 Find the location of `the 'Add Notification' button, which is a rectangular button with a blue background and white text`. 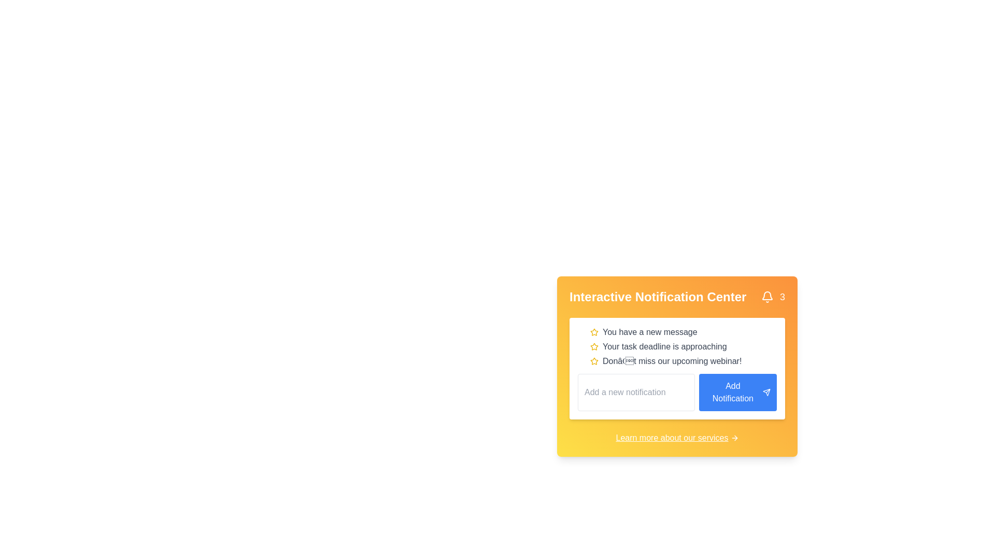

the 'Add Notification' button, which is a rectangular button with a blue background and white text is located at coordinates (737, 392).